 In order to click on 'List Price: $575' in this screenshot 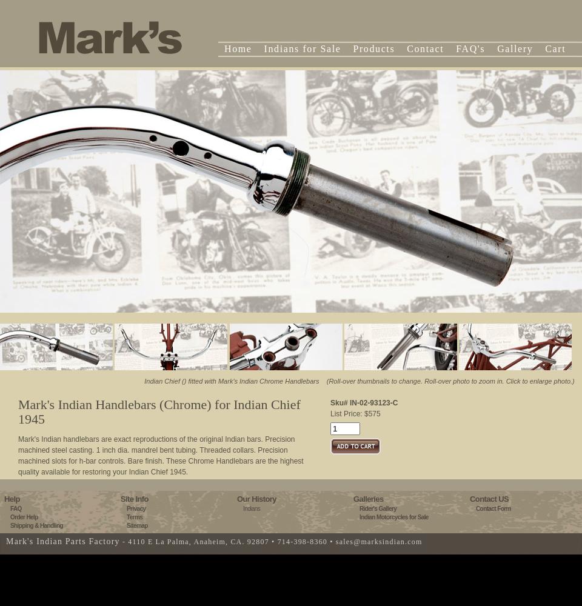, I will do `click(330, 414)`.